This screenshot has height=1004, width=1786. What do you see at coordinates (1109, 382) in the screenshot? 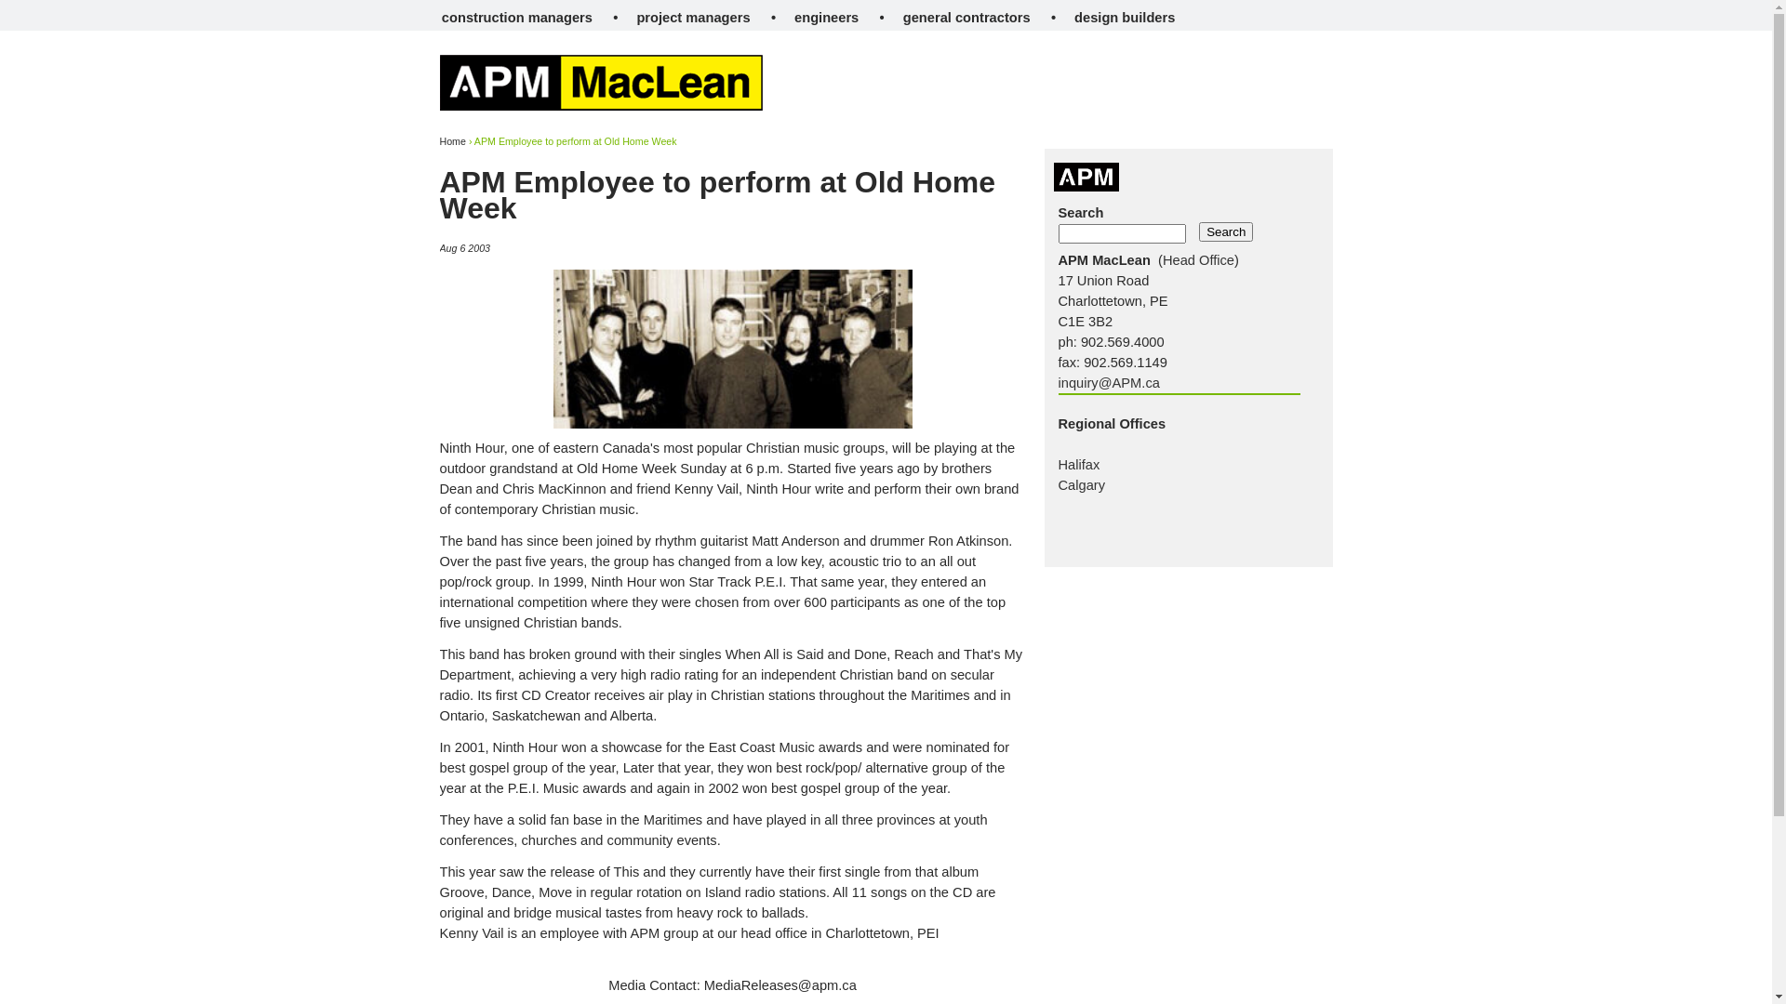
I see `'inquiry@APM.ca'` at bounding box center [1109, 382].